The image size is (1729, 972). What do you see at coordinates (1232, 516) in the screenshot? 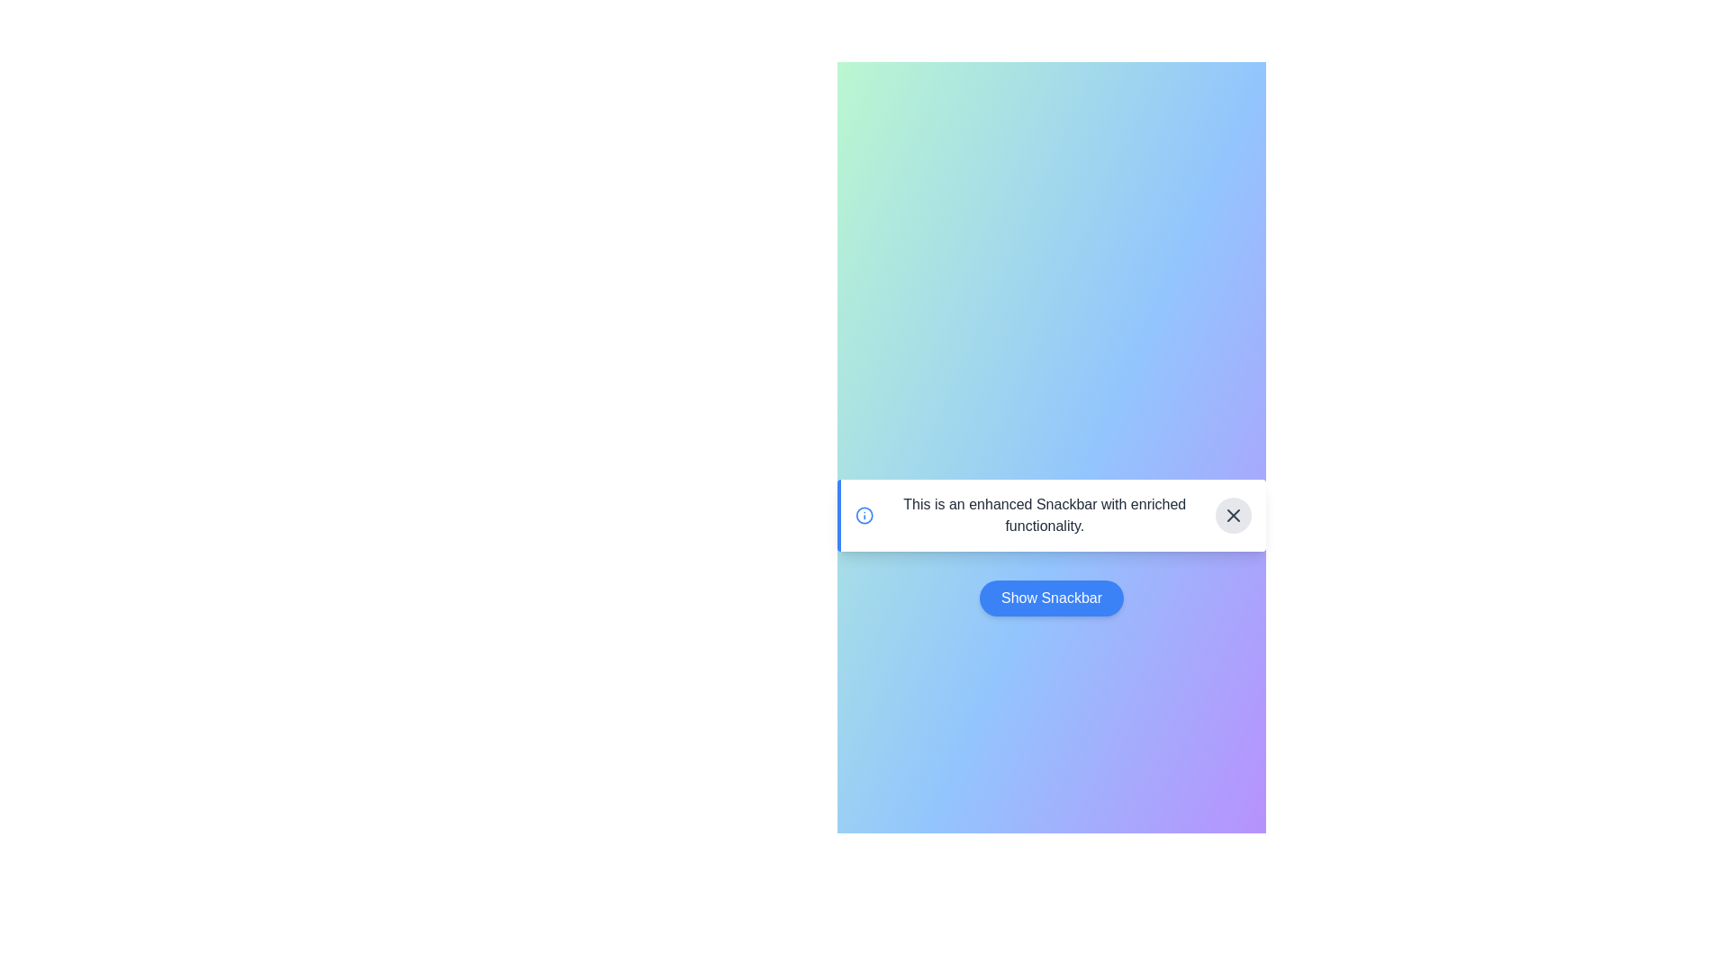
I see `the close button located at the far right of the white notification bar` at bounding box center [1232, 516].